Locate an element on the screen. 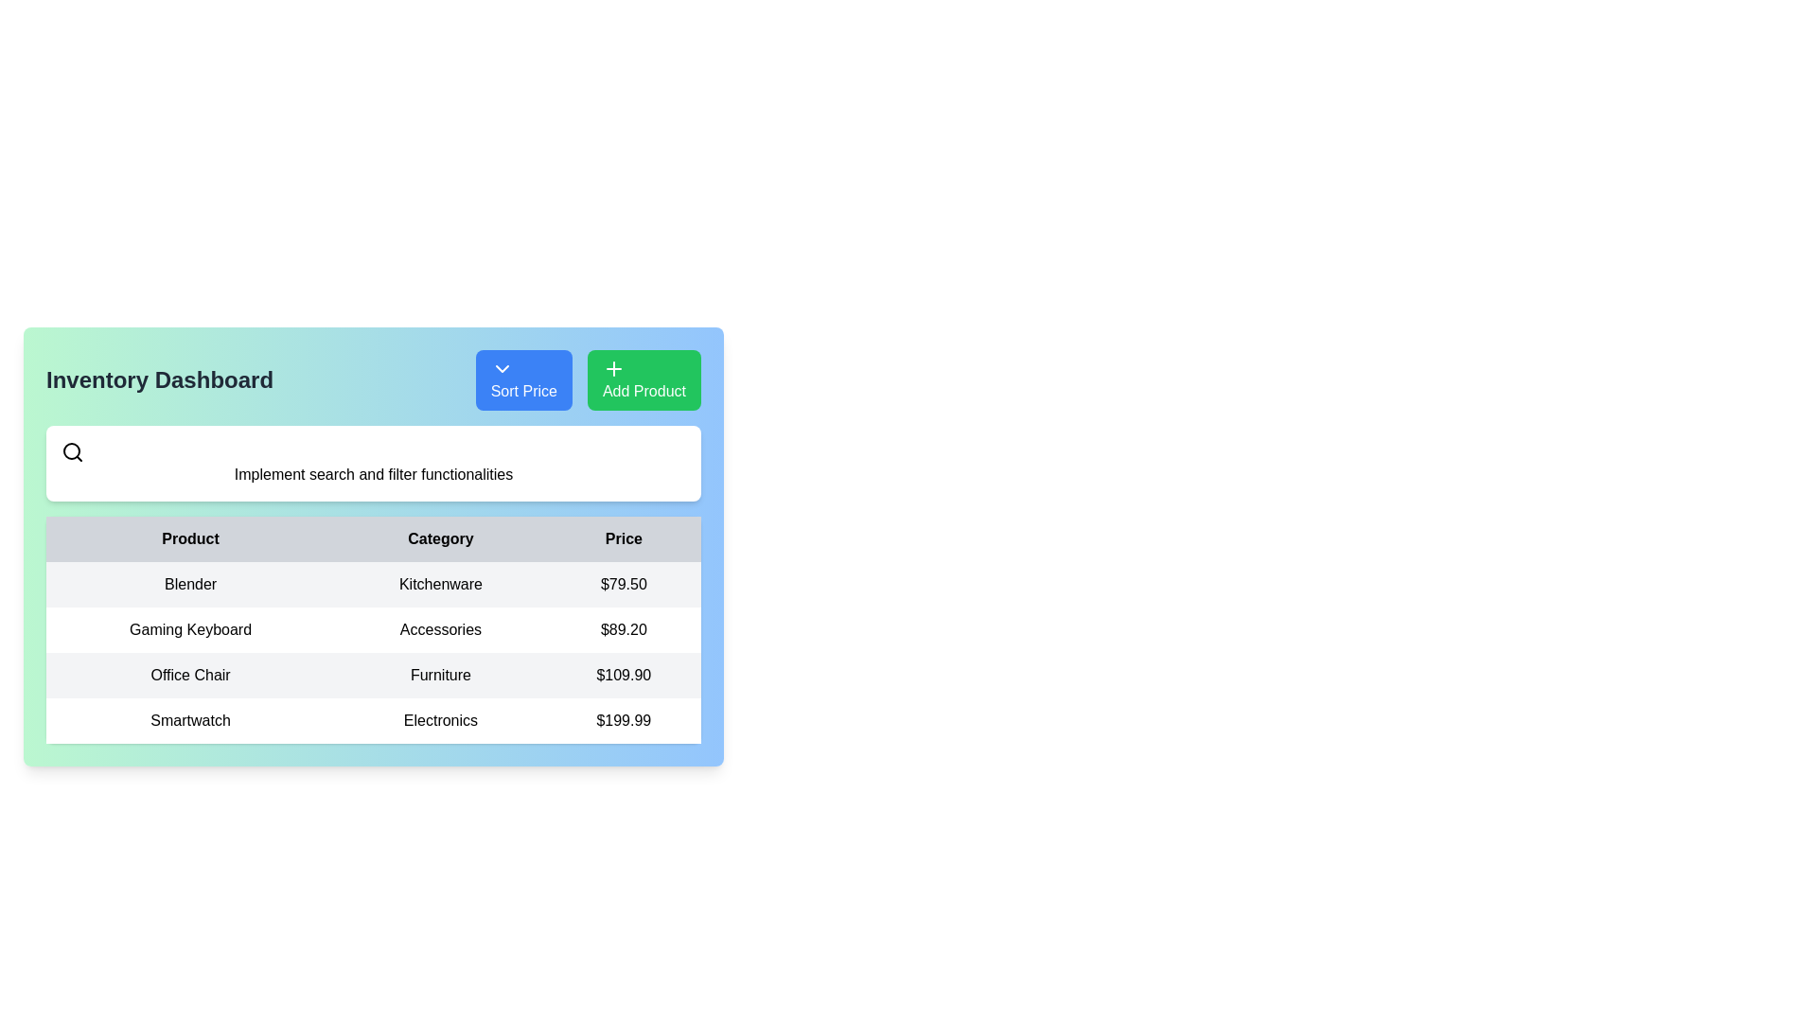 The image size is (1817, 1022). the green 'Add Product' button with rounded corners, which is the second button from the right in the header area is located at coordinates (644, 379).